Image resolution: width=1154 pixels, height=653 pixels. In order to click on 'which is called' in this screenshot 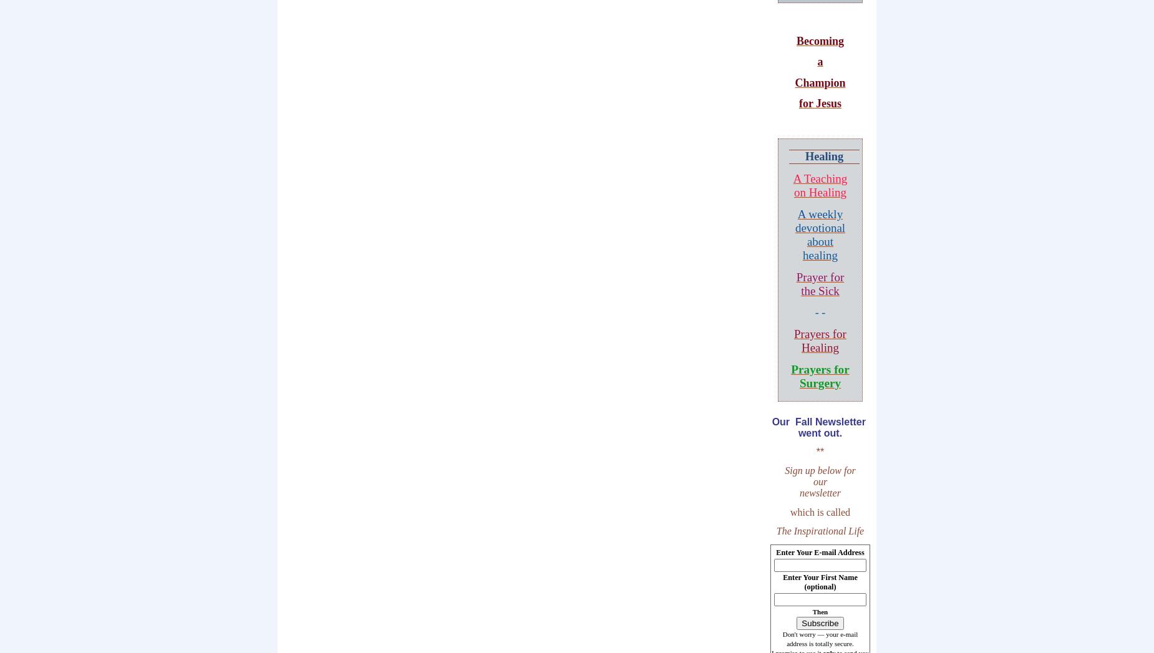, I will do `click(819, 511)`.